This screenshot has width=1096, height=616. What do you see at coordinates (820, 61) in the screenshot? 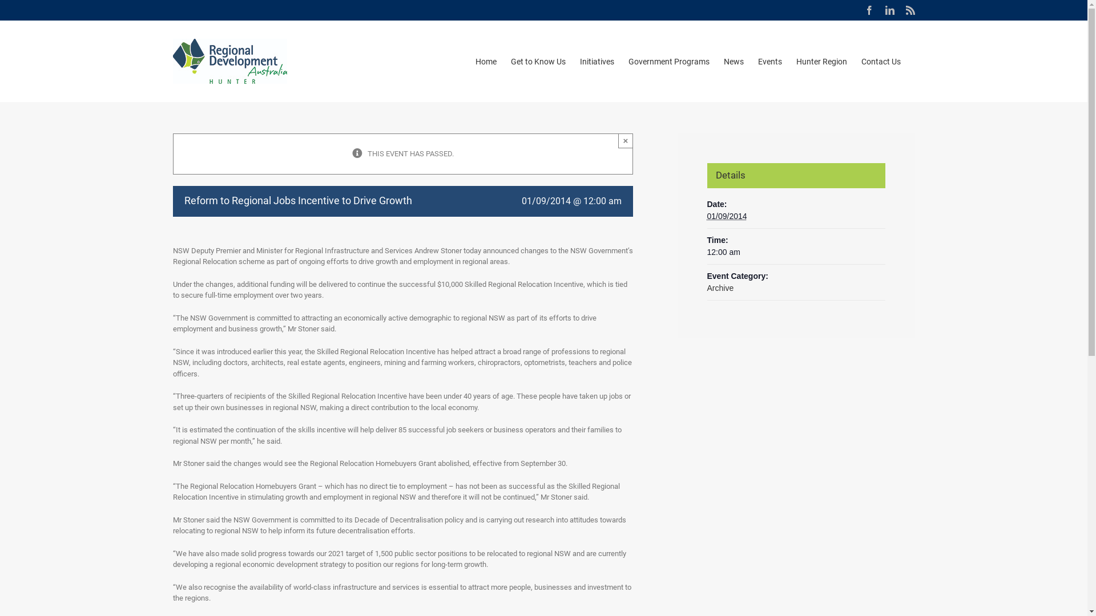
I see `'Hunter Region'` at bounding box center [820, 61].